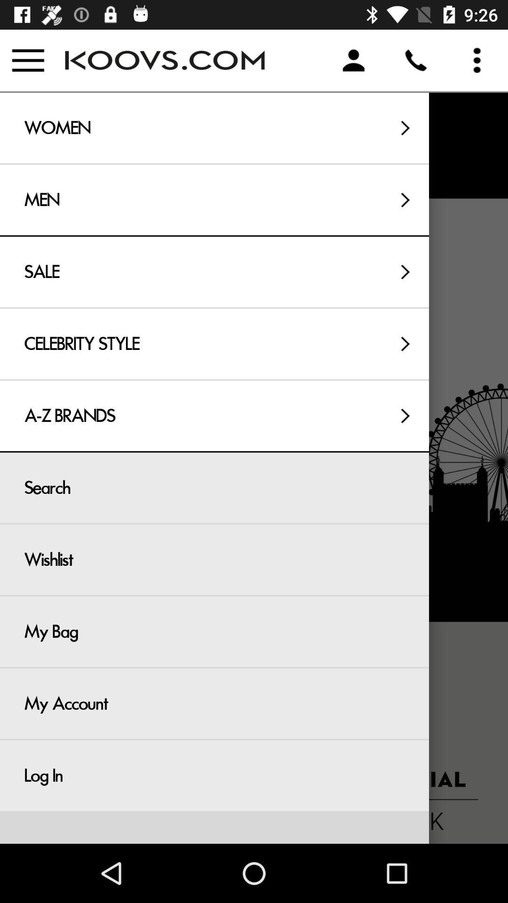 Image resolution: width=508 pixels, height=903 pixels. I want to click on the menu icon, so click(27, 60).